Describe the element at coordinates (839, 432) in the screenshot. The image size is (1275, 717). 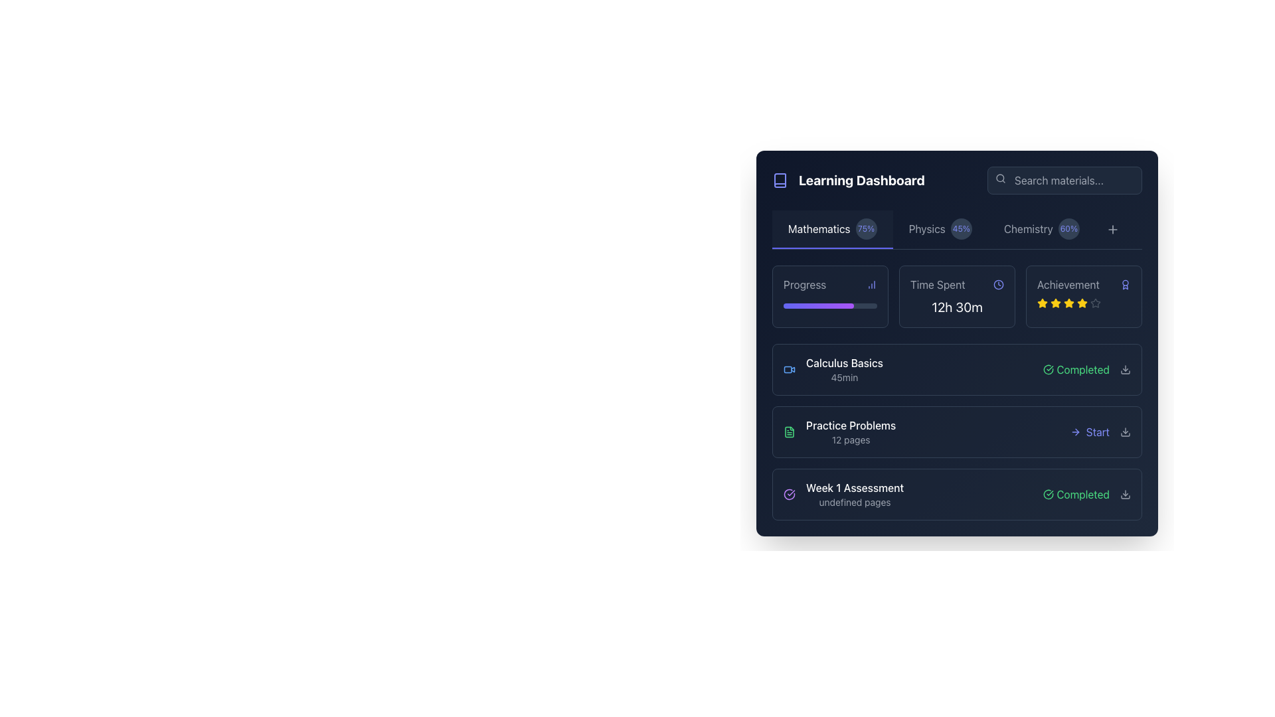
I see `the 'Practice Problems' course section item, which is positioned centrally in the dashboard interface, between 'Calculus Basics' and 'Week 1 Assessment'` at that location.